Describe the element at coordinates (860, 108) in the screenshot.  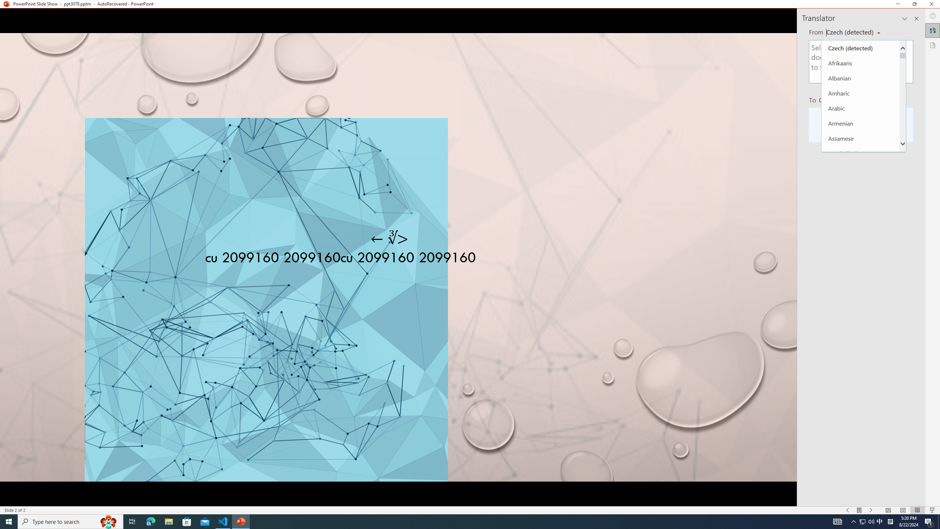
I see `'Arabic'` at that location.